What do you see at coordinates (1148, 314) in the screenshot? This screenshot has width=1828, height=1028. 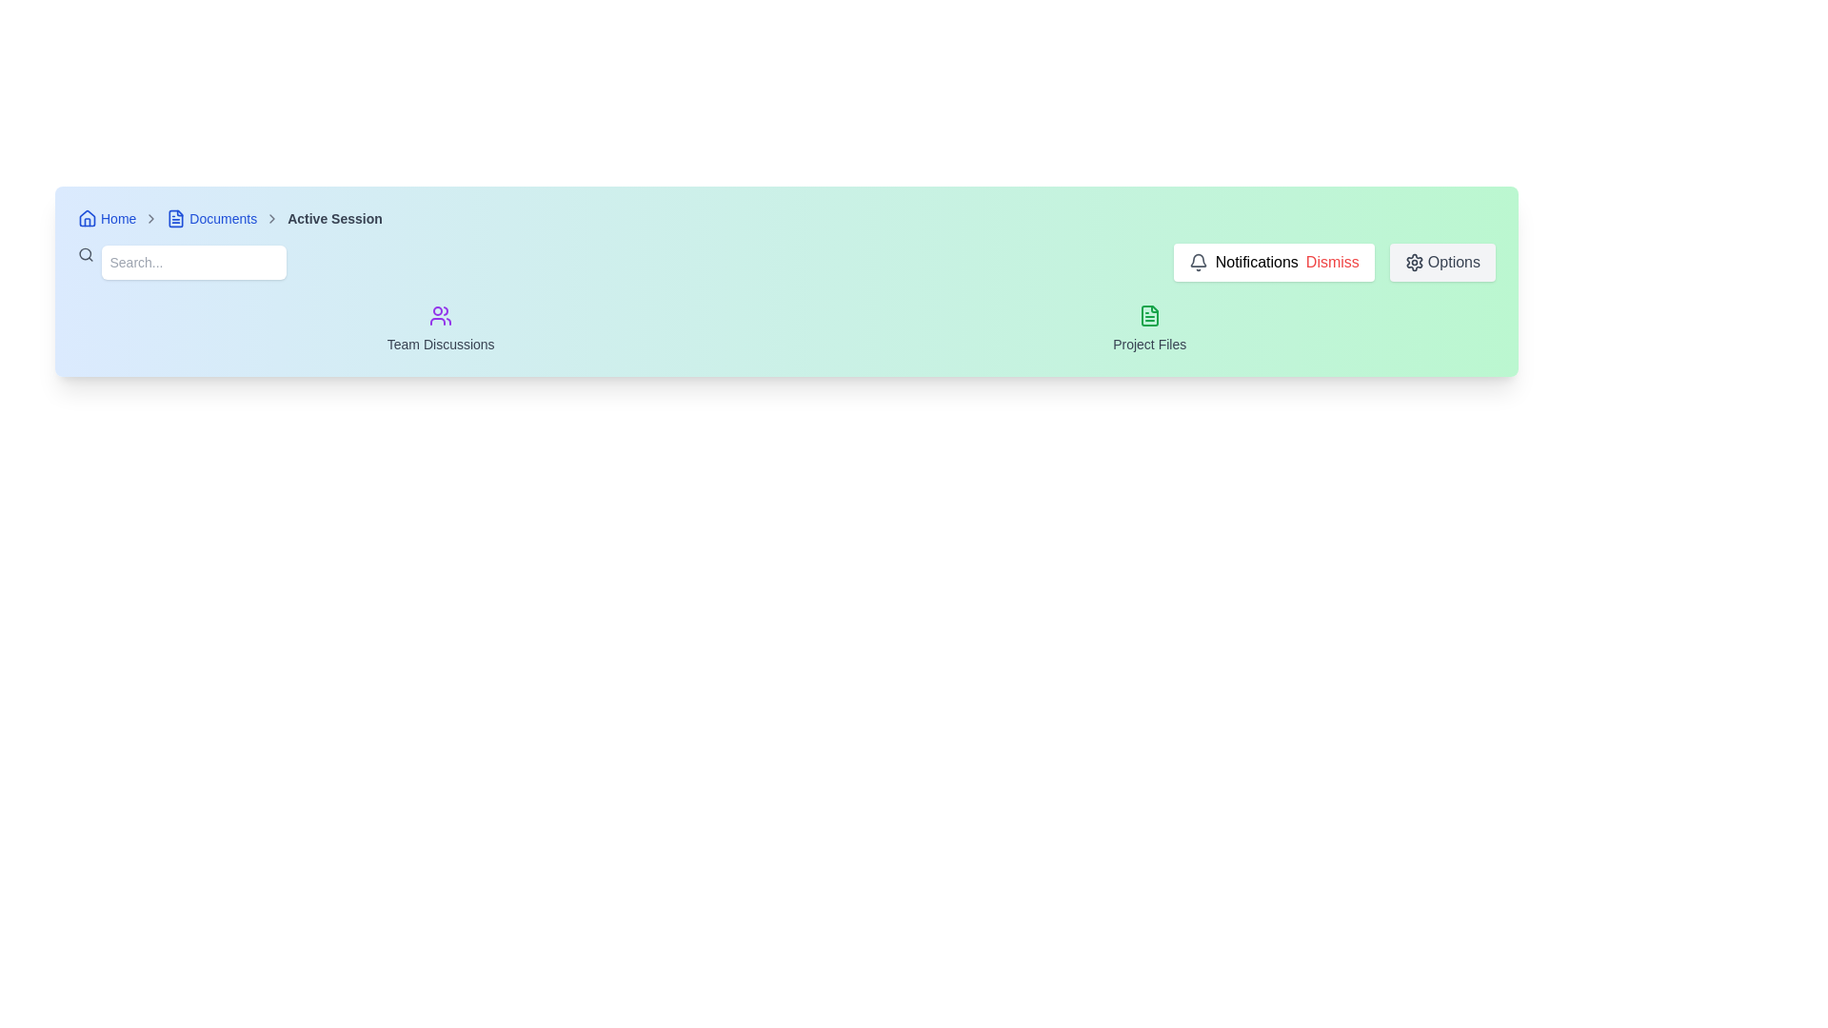 I see `the document icon located in the icon group on the right side of the header bar, positioned between the 'Notifications' and 'Options' sections` at bounding box center [1148, 314].